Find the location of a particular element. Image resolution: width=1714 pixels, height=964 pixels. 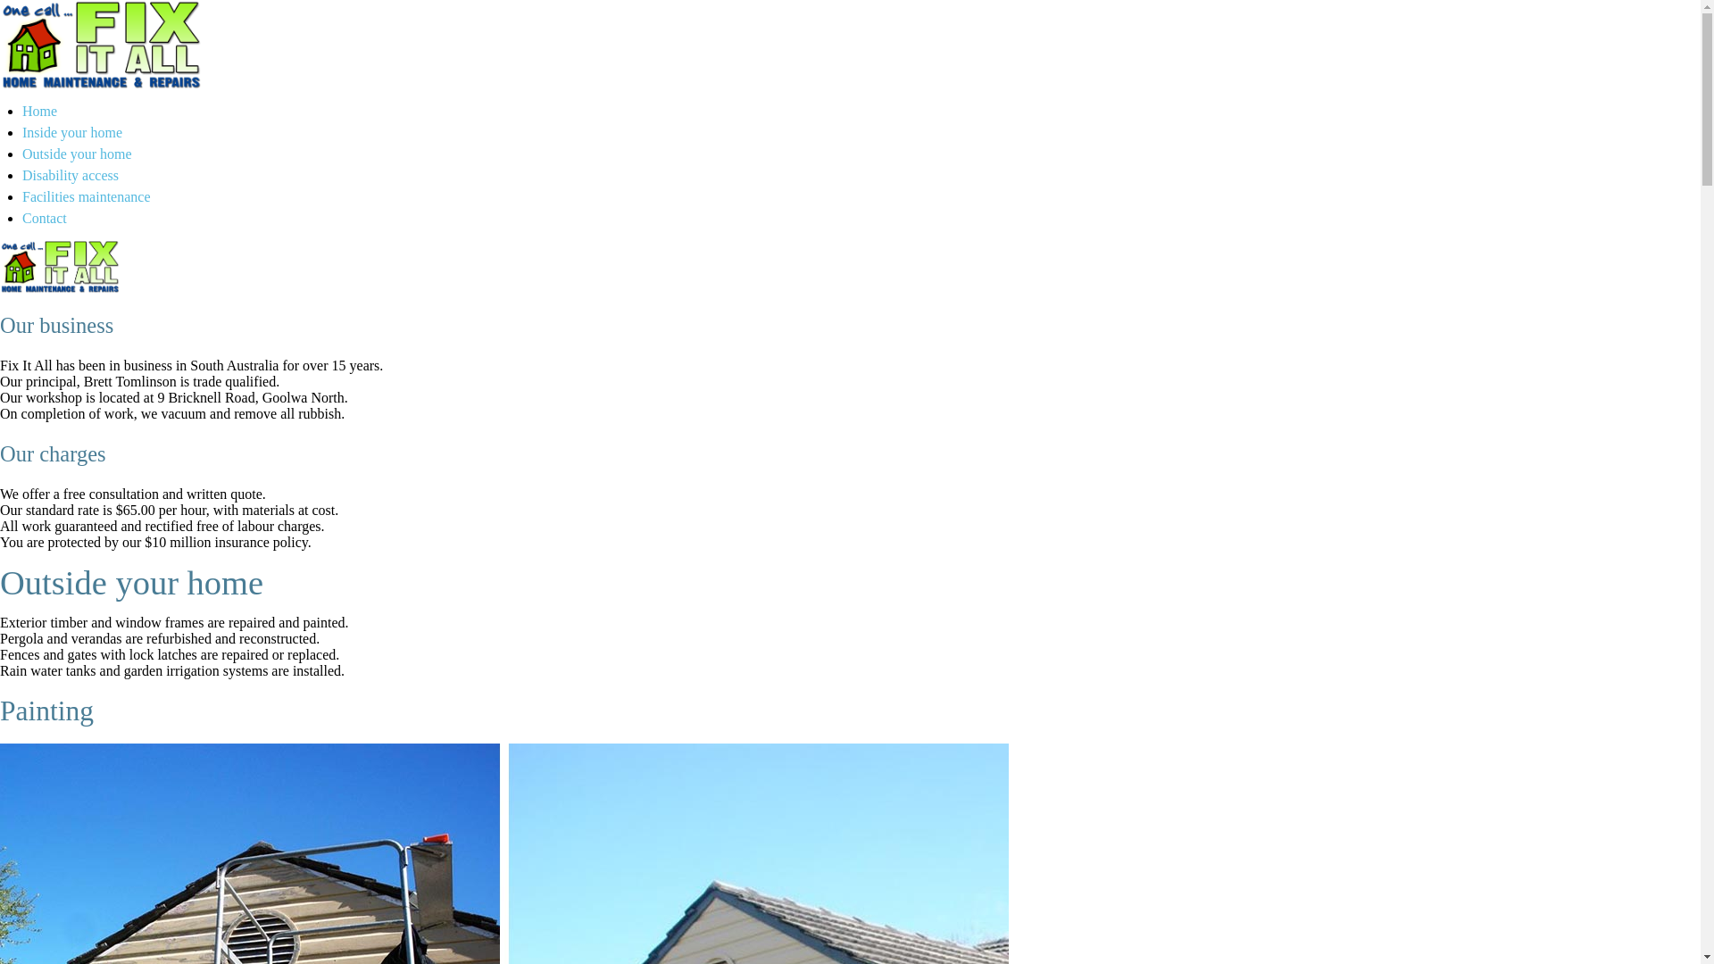

'Contact' is located at coordinates (44, 217).